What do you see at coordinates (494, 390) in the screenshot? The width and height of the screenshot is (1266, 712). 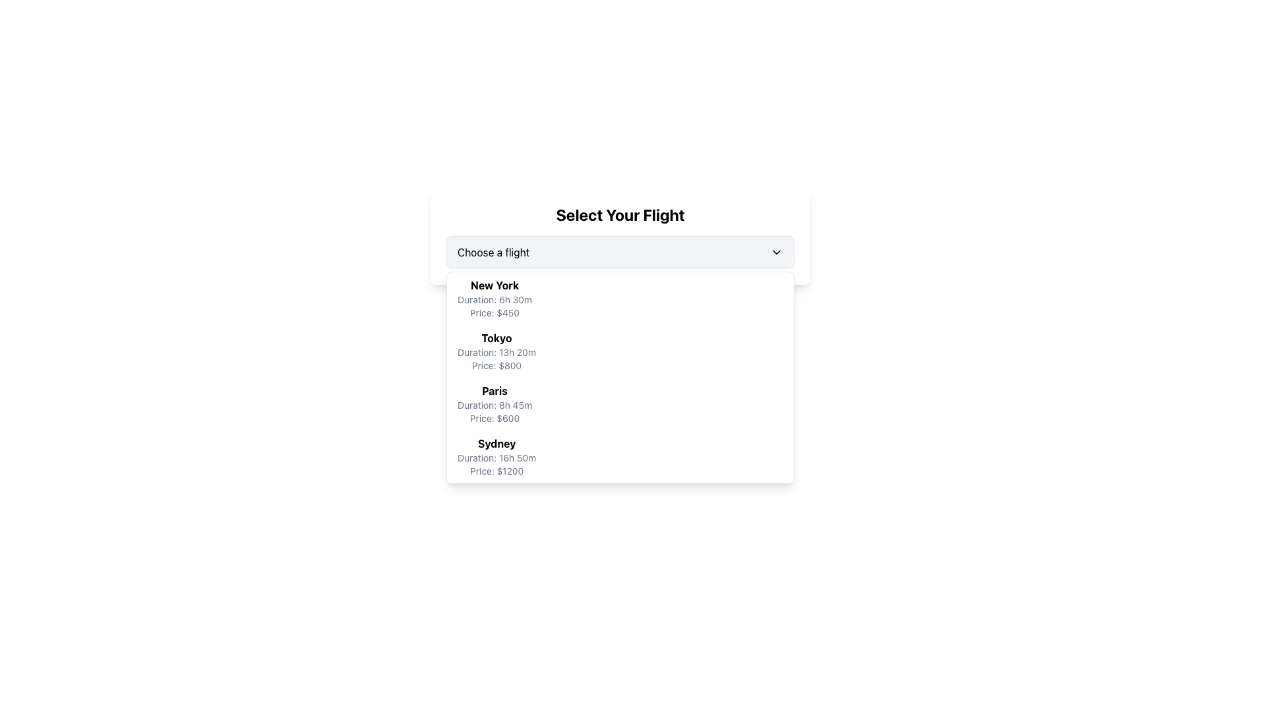 I see `text label for the 'Paris' flight option in the dropdown menu titled 'Select Your Flight'` at bounding box center [494, 390].